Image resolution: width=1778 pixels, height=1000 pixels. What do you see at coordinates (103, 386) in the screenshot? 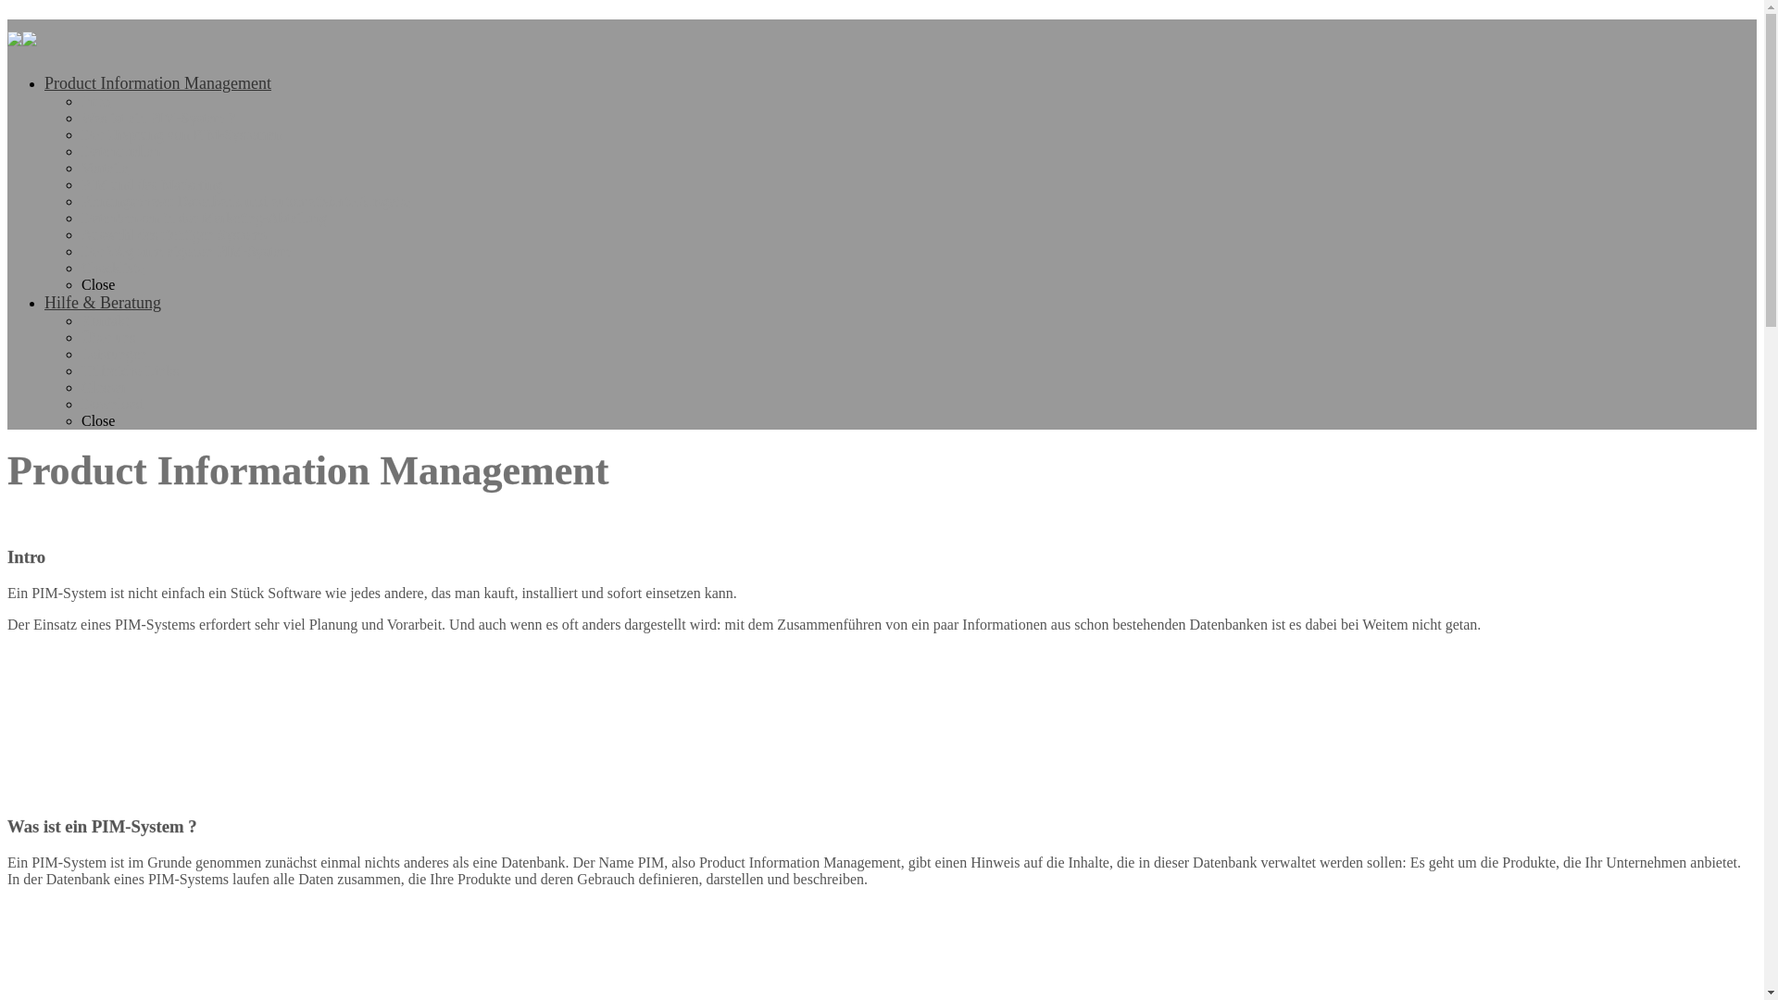
I see `'Glossar'` at bounding box center [103, 386].